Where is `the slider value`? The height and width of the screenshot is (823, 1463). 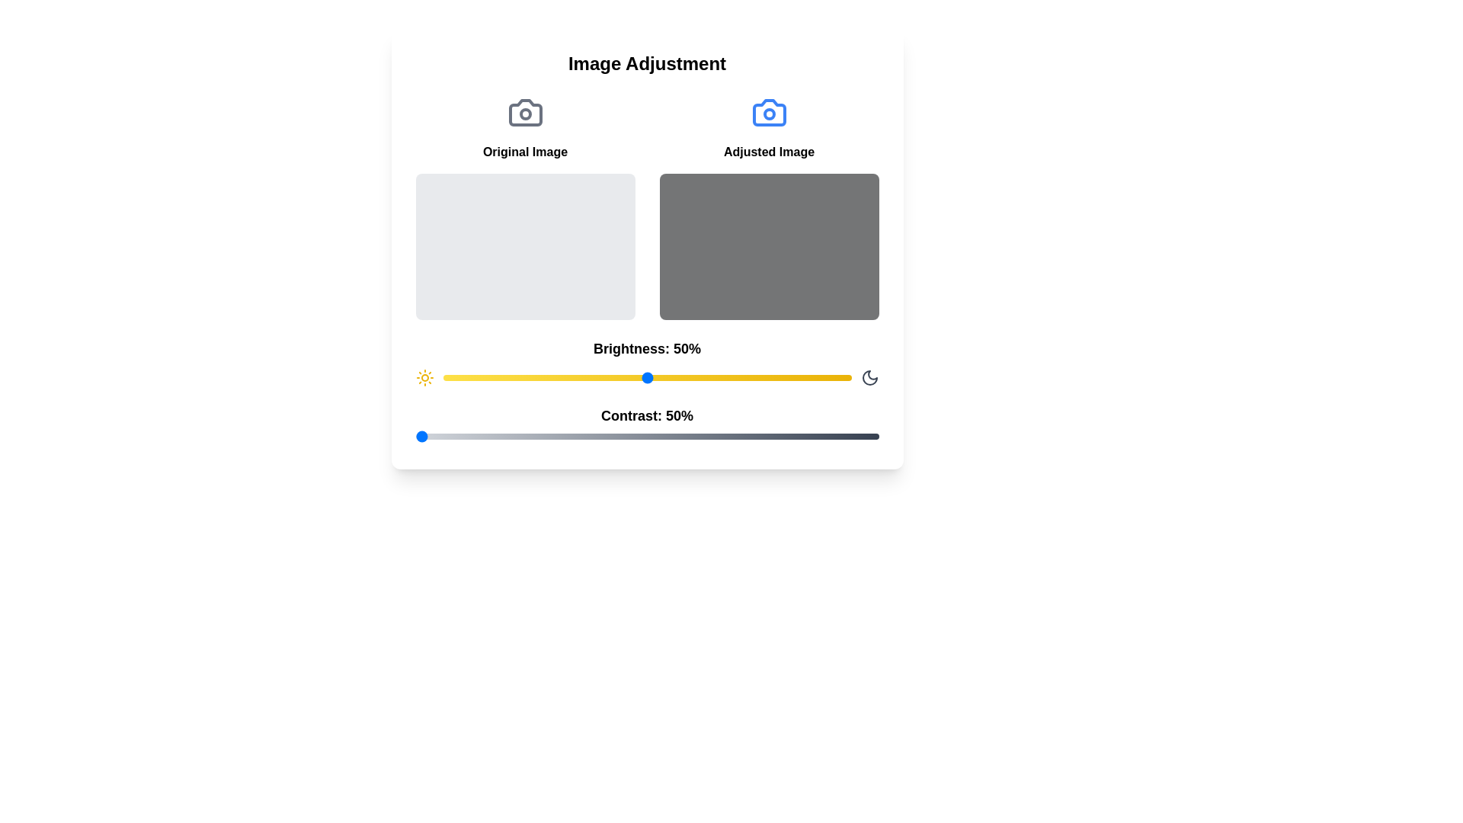 the slider value is located at coordinates (533, 377).